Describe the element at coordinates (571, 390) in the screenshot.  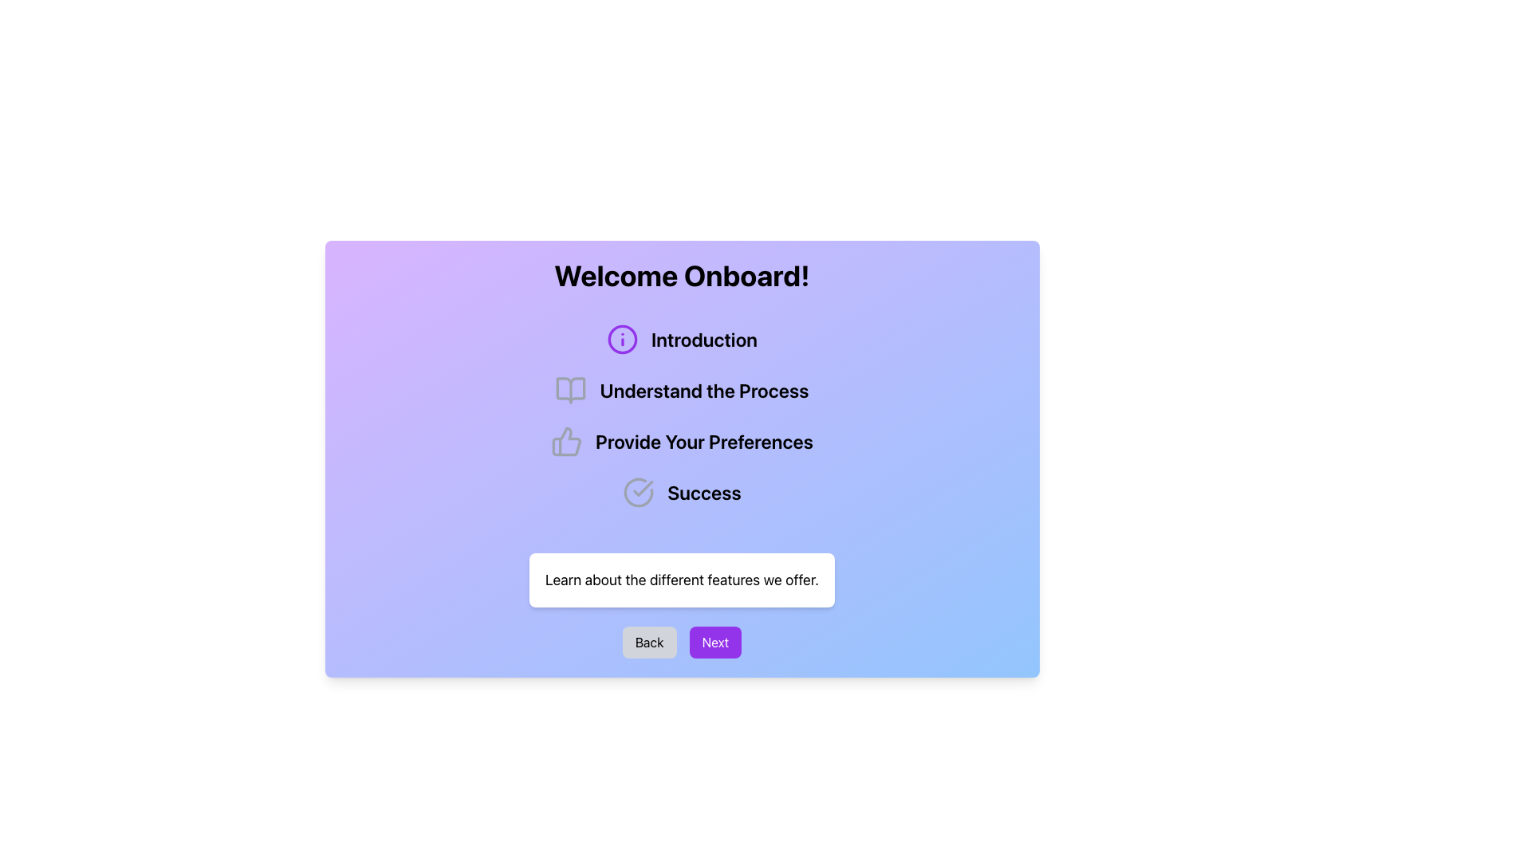
I see `the book icon located to the left of the 'Understand the Process' text` at that location.